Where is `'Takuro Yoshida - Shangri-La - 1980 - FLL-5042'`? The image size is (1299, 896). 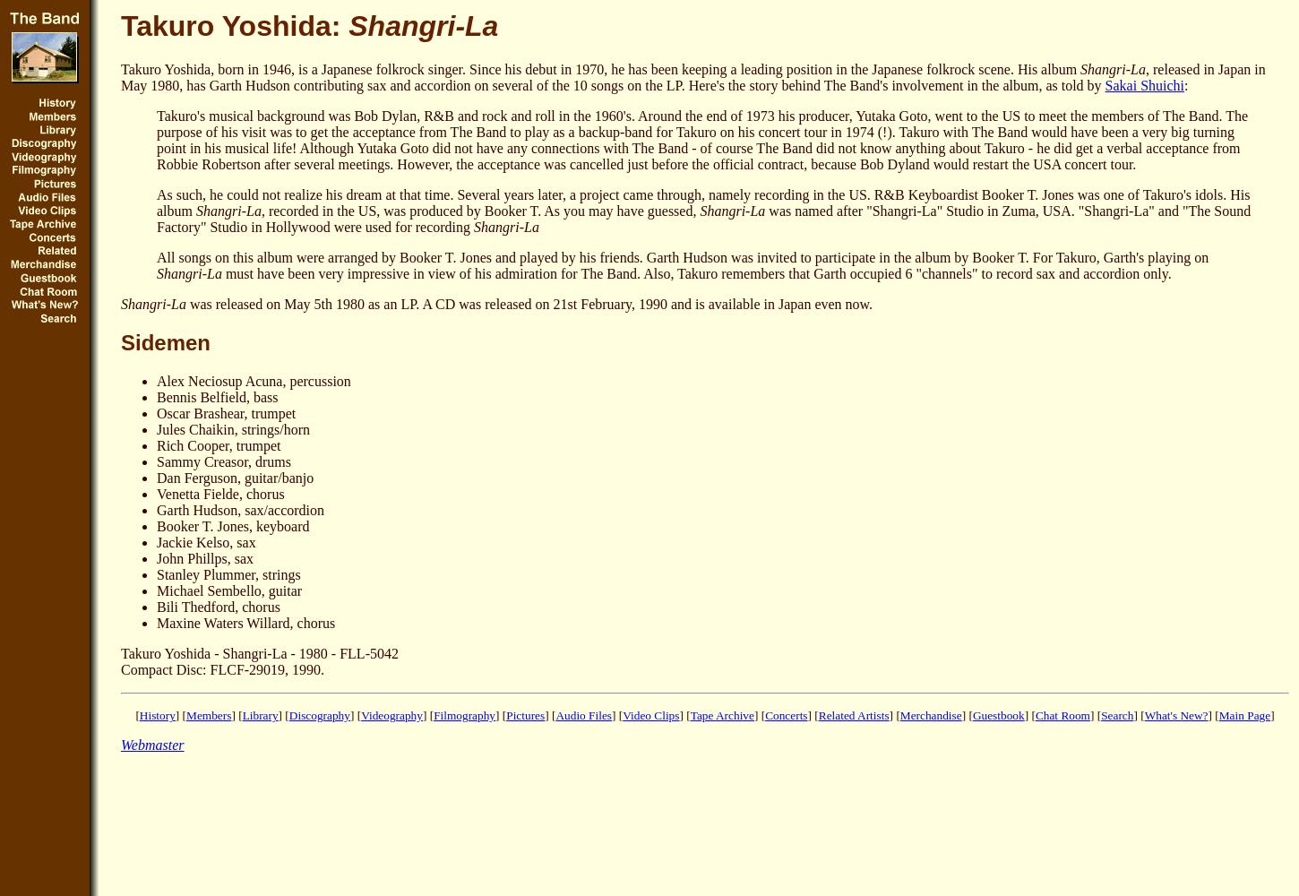
'Takuro Yoshida - Shangri-La - 1980 - FLL-5042' is located at coordinates (119, 652).